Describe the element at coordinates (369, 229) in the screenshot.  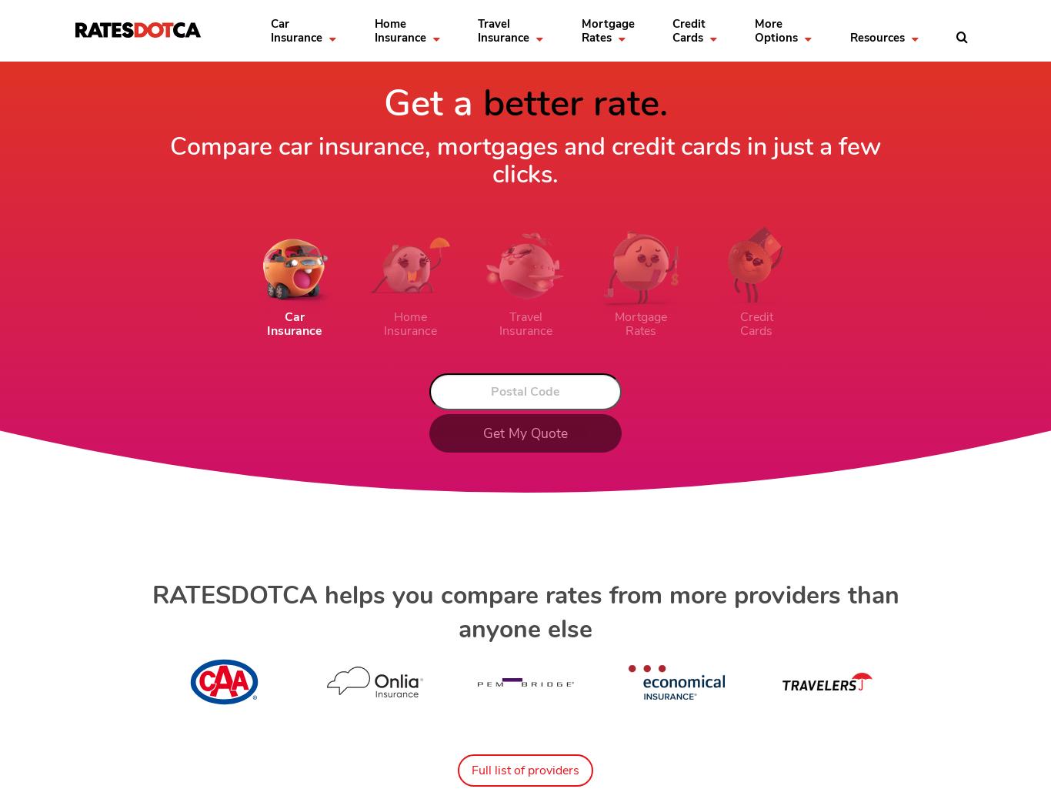
I see `'Student Credit Cards'` at that location.